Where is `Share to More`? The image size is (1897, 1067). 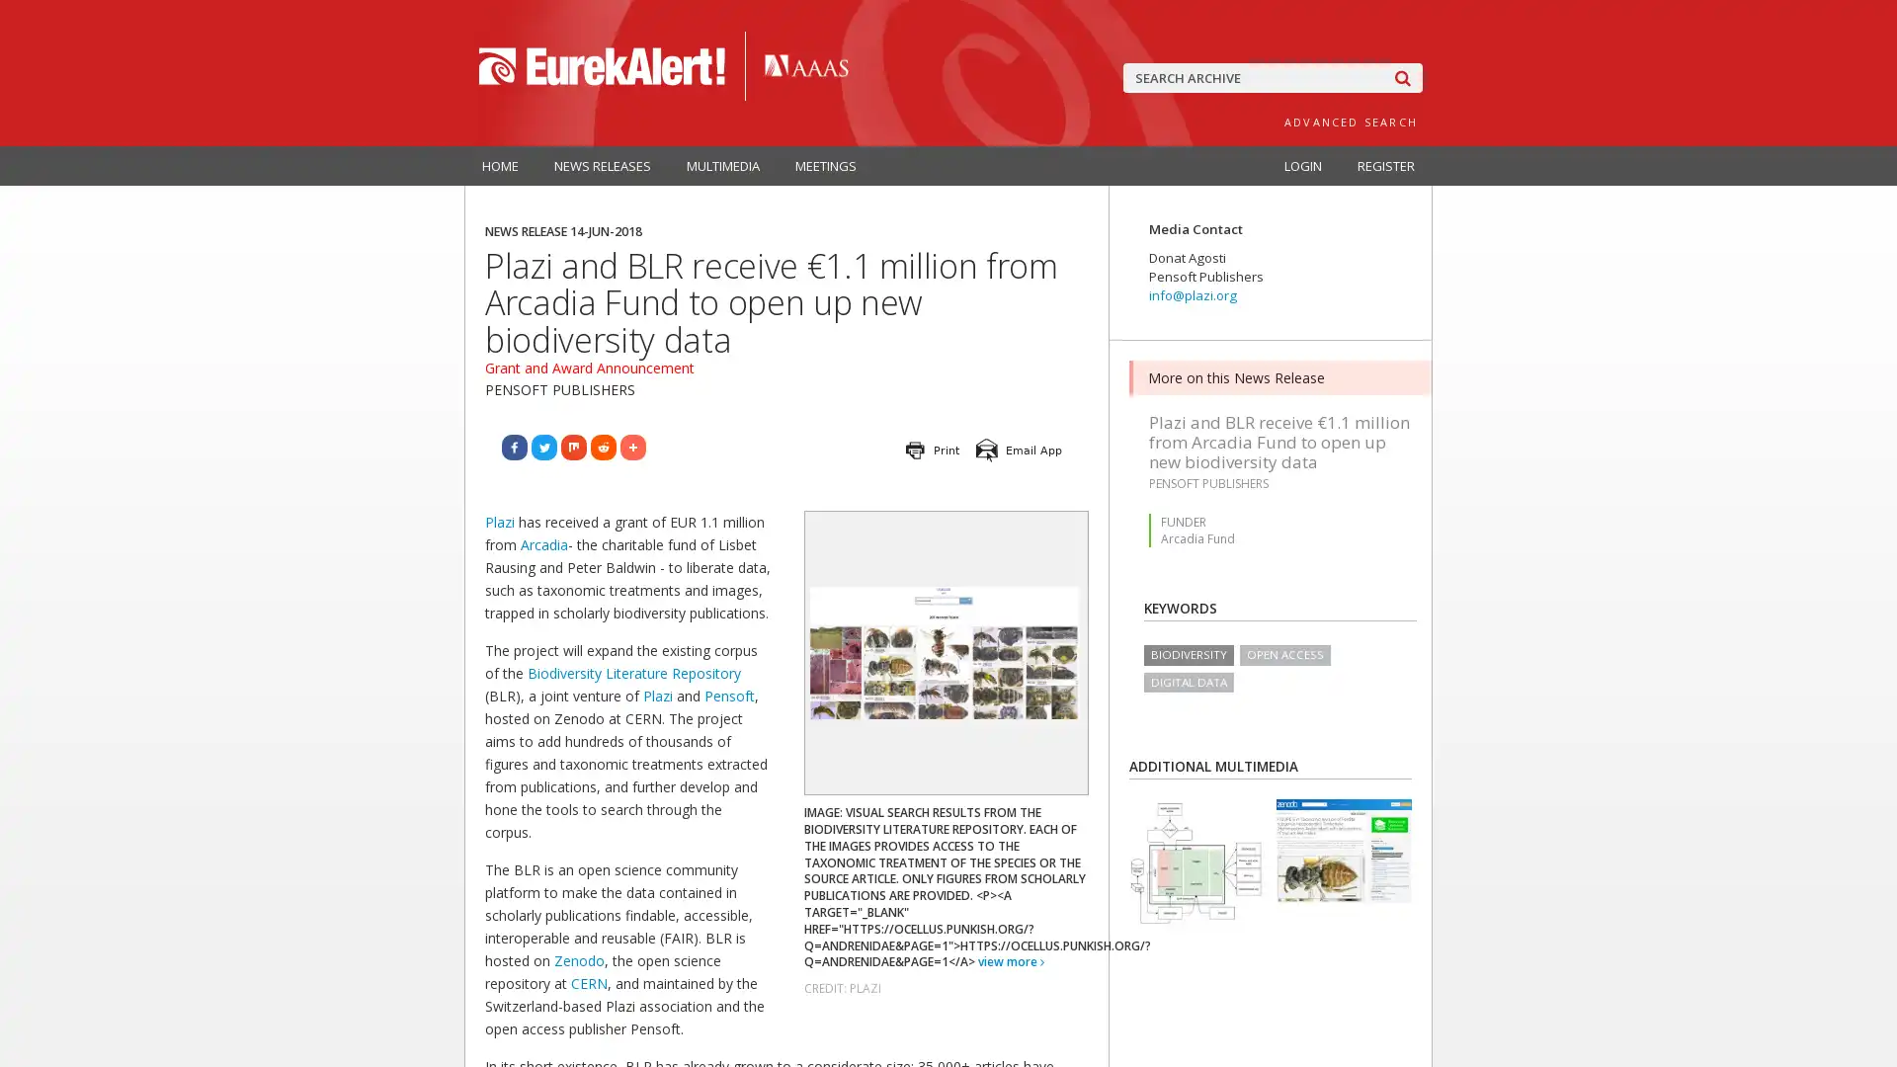 Share to More is located at coordinates (633, 447).